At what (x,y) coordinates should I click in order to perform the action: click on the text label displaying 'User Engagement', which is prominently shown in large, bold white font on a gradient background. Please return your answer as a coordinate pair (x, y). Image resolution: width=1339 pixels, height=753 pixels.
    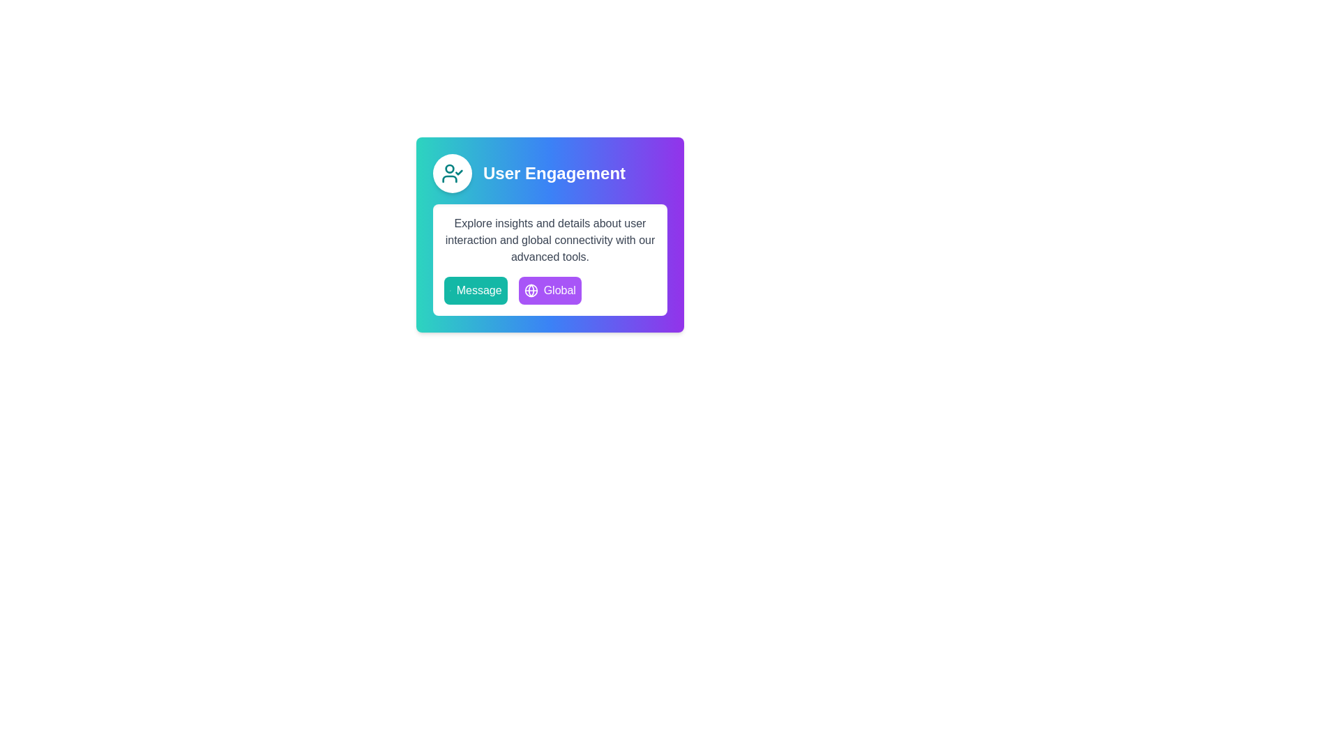
    Looking at the image, I should click on (554, 173).